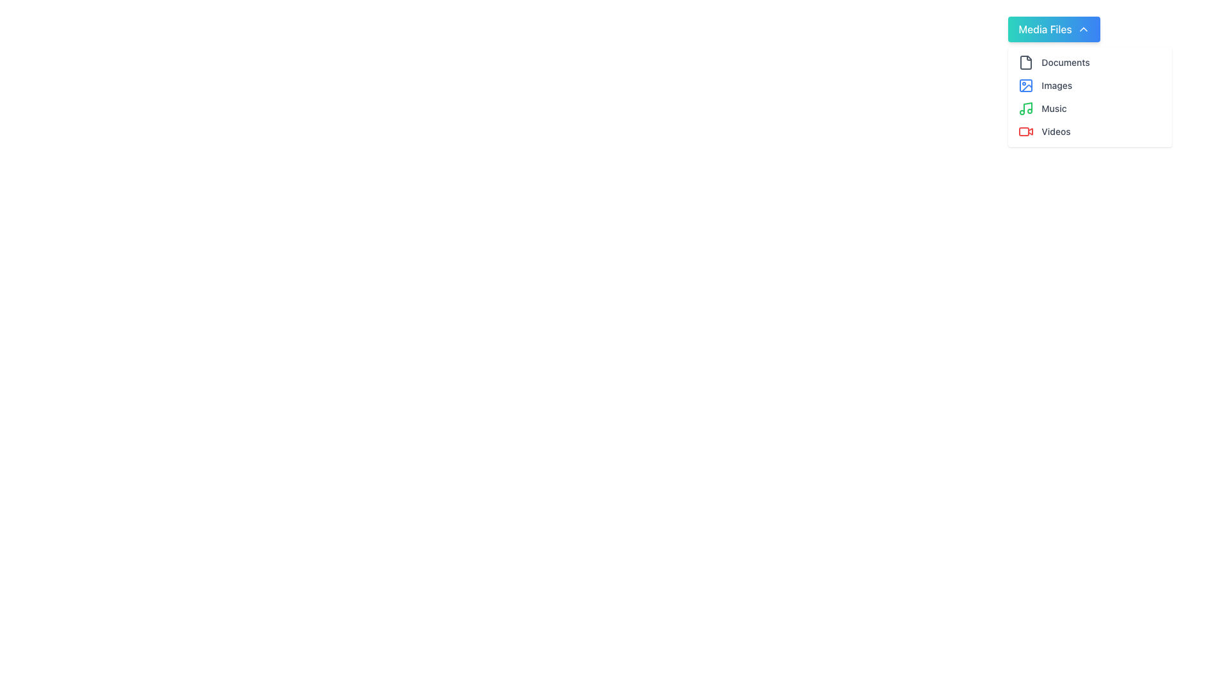 Image resolution: width=1229 pixels, height=691 pixels. I want to click on the text label displaying 'Documents' within the dropdown menu under the heading 'Media Files', which is associated with a file icon, so click(1066, 62).